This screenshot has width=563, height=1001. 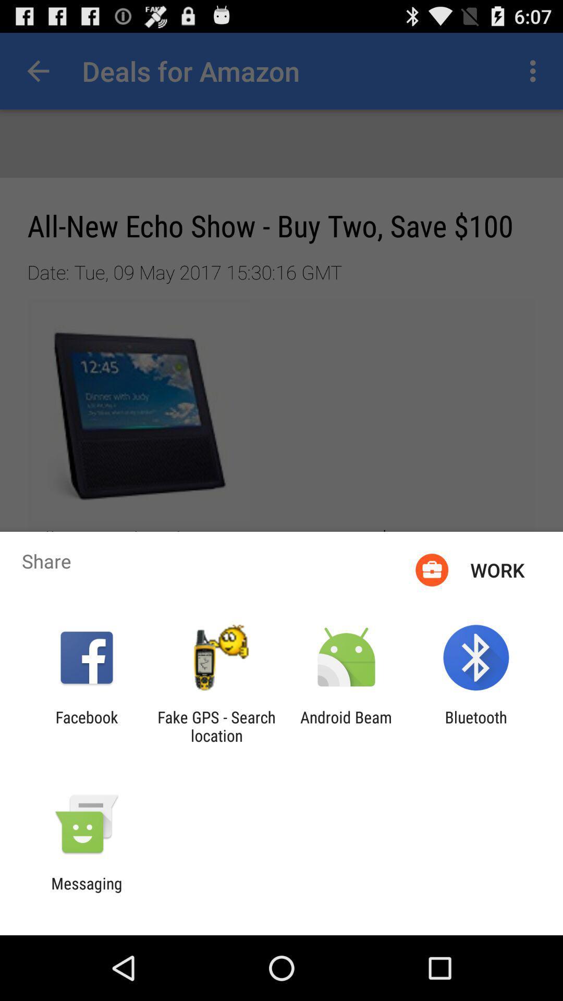 What do you see at coordinates (346, 726) in the screenshot?
I see `the item to the left of the bluetooth` at bounding box center [346, 726].